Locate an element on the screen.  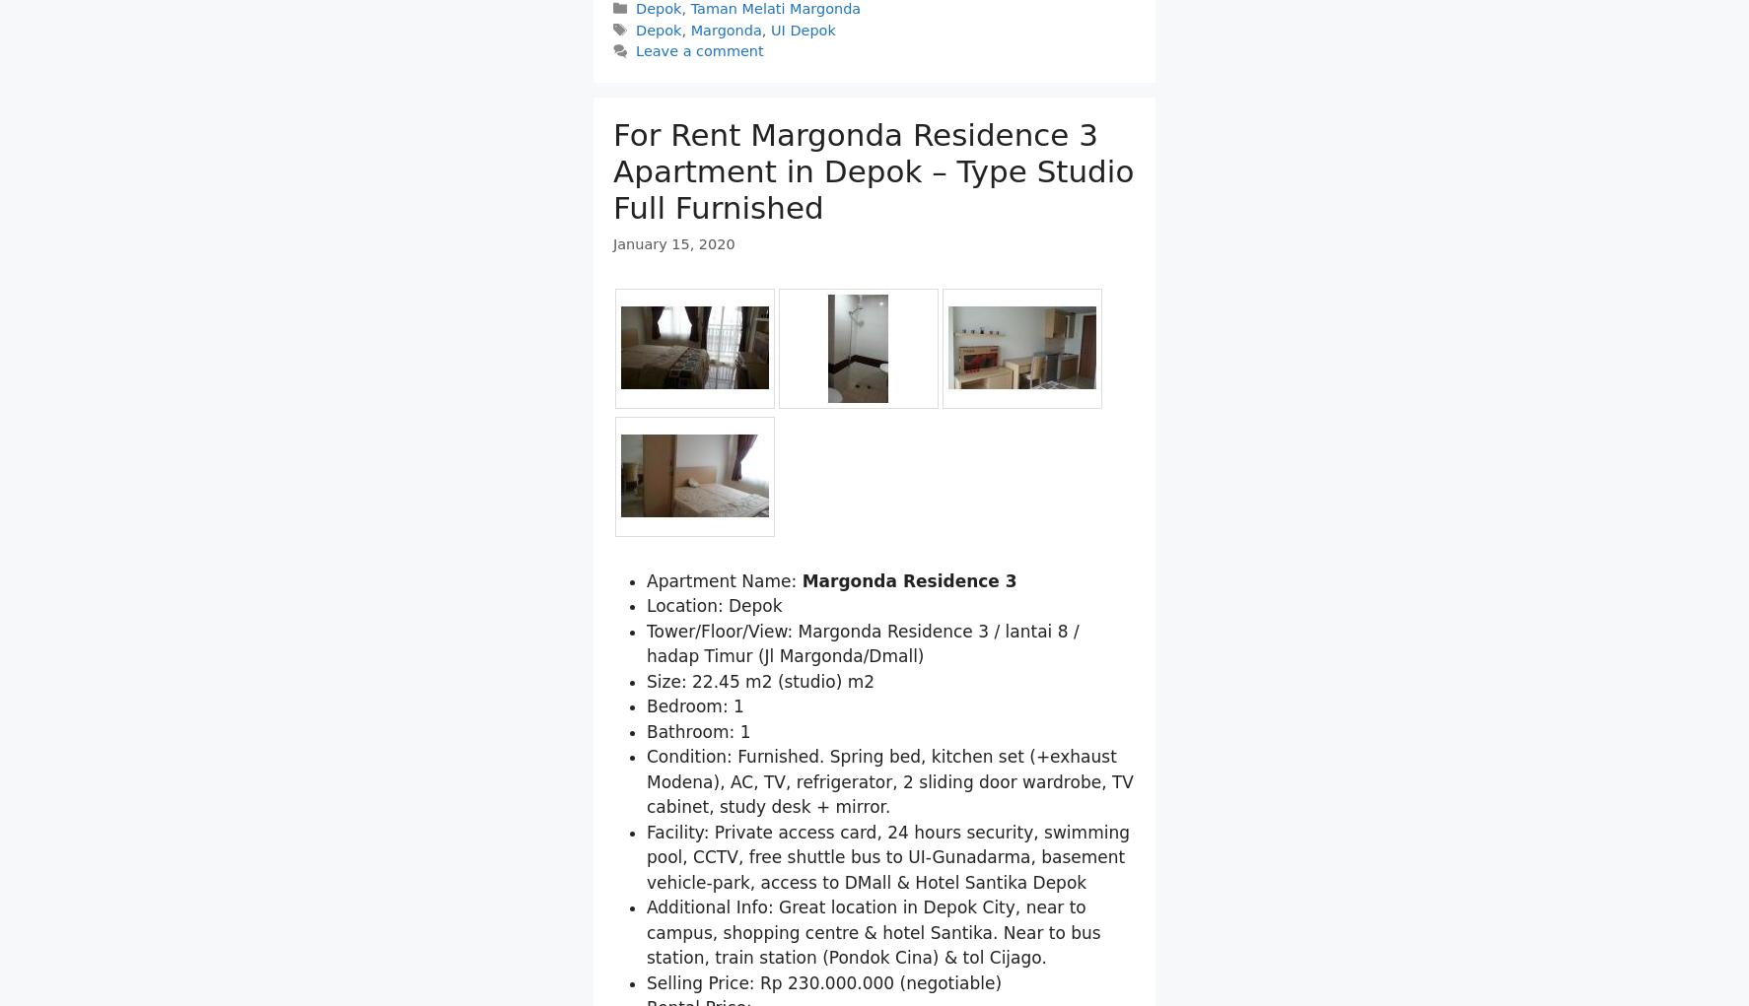
'Tower/Floor/View: Margonda Residence 3 / lantai 8 / hadap Timur (Jl Margonda/Dmall)' is located at coordinates (862, 745).